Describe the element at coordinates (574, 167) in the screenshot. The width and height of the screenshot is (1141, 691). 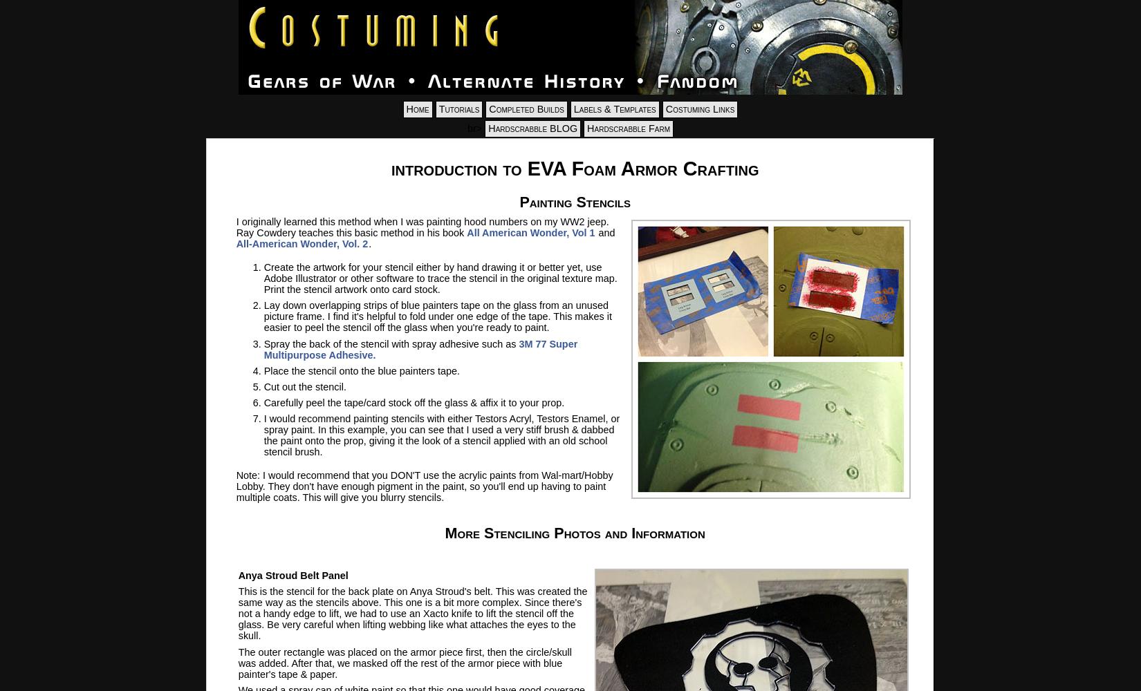
I see `'introduction to EVA Foam Armor Crafting'` at that location.